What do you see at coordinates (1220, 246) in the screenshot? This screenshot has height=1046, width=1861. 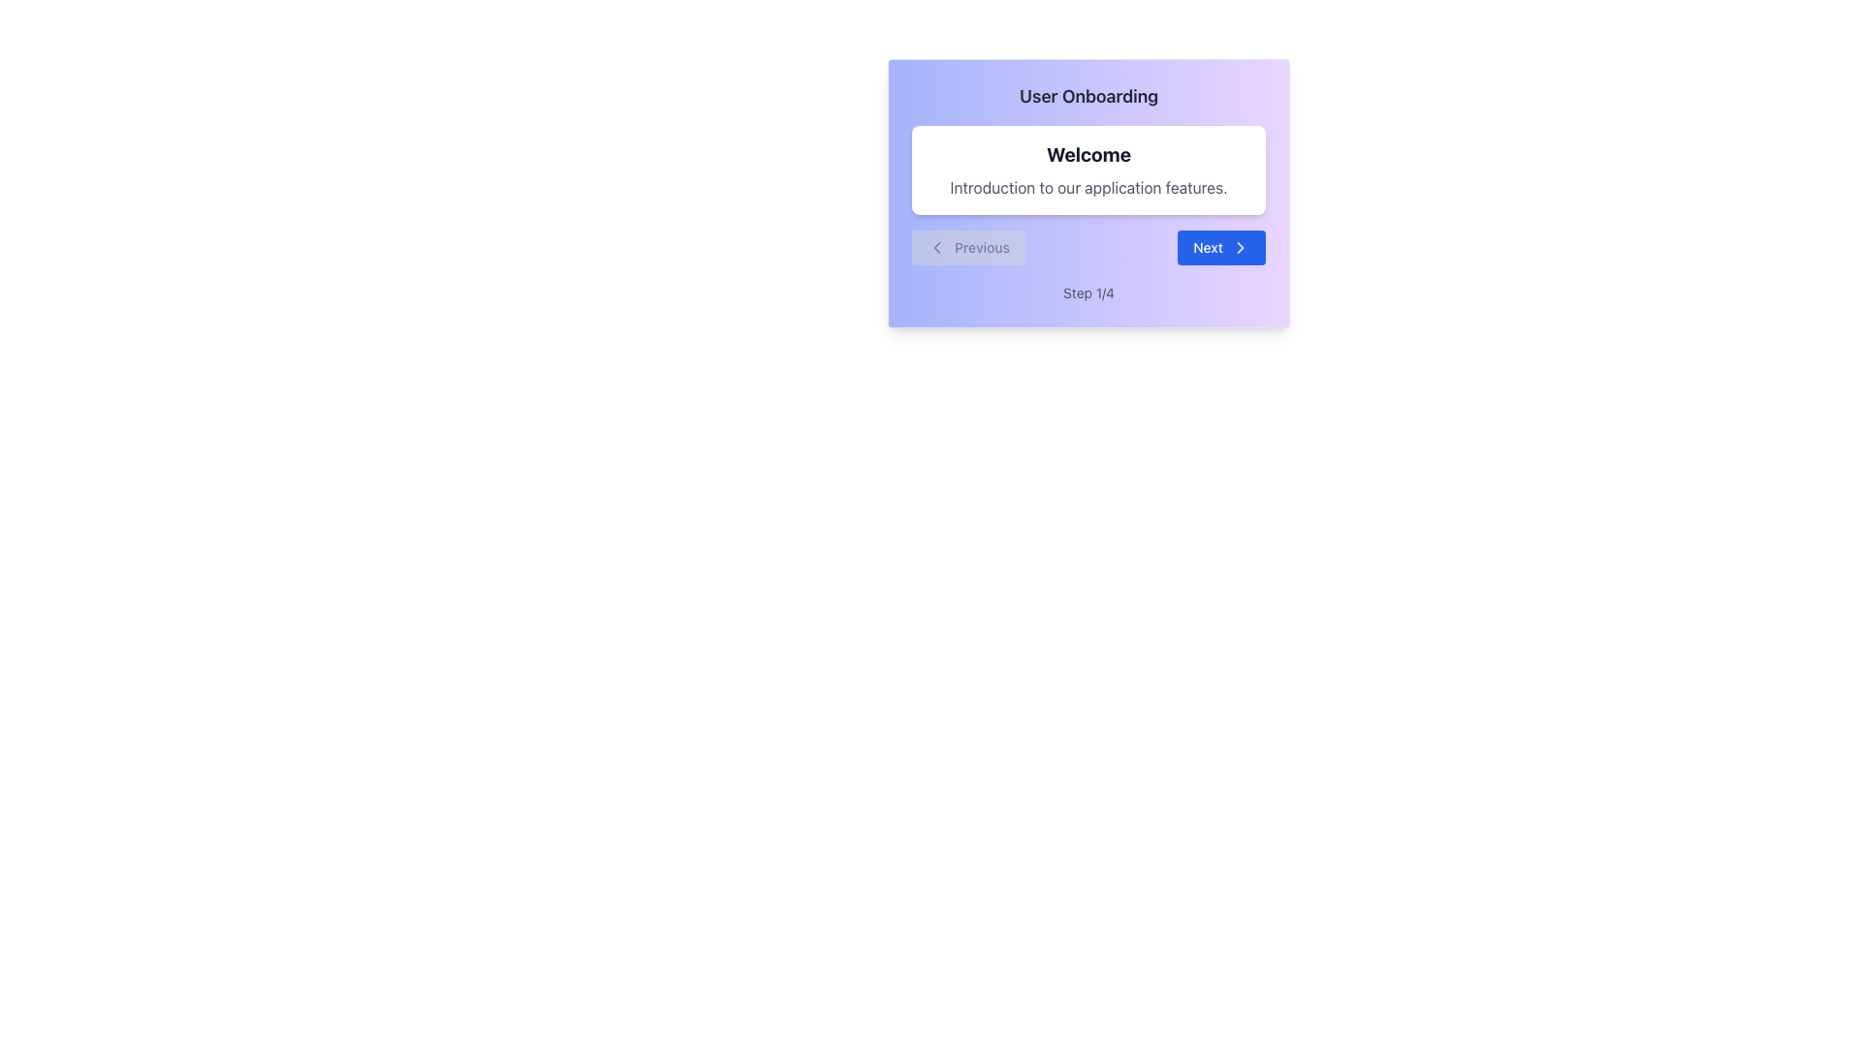 I see `the 'Next' button, which is a rectangular button with a blue background, white text, and rounded corners, located in the bottom-right section of a card or dialog box` at bounding box center [1220, 246].